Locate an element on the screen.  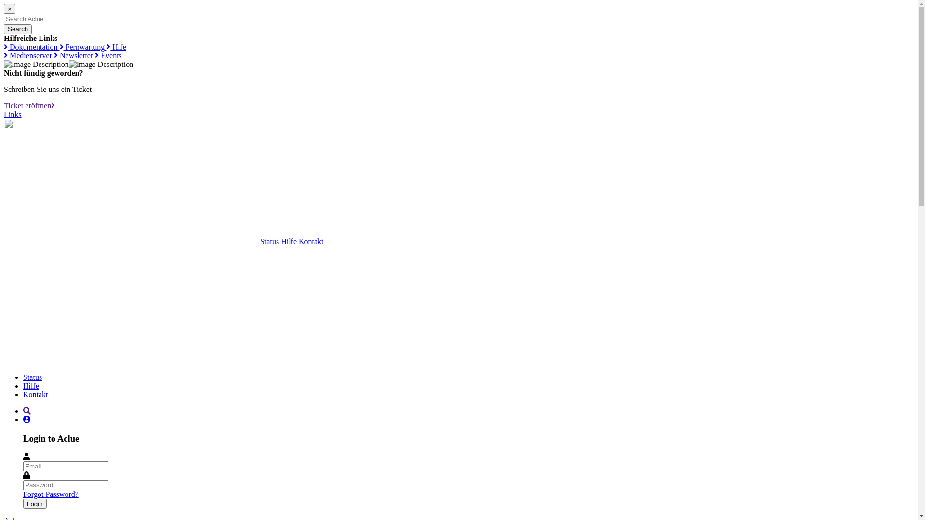
'Links' is located at coordinates (4, 114).